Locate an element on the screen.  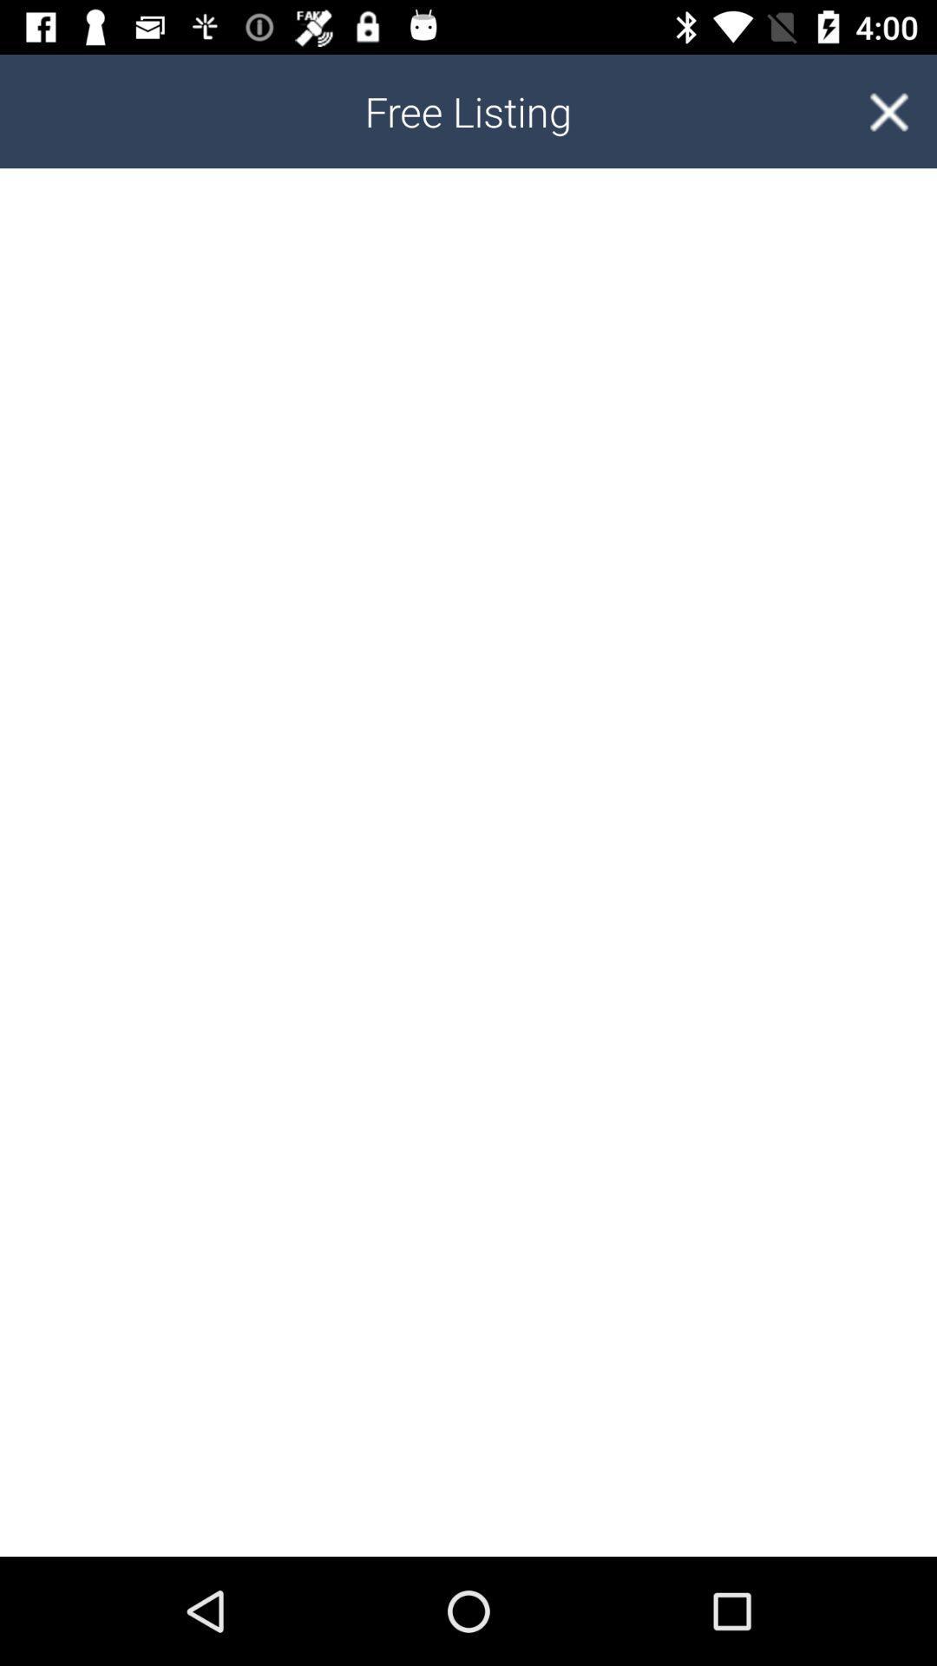
item at the top right corner is located at coordinates (888, 110).